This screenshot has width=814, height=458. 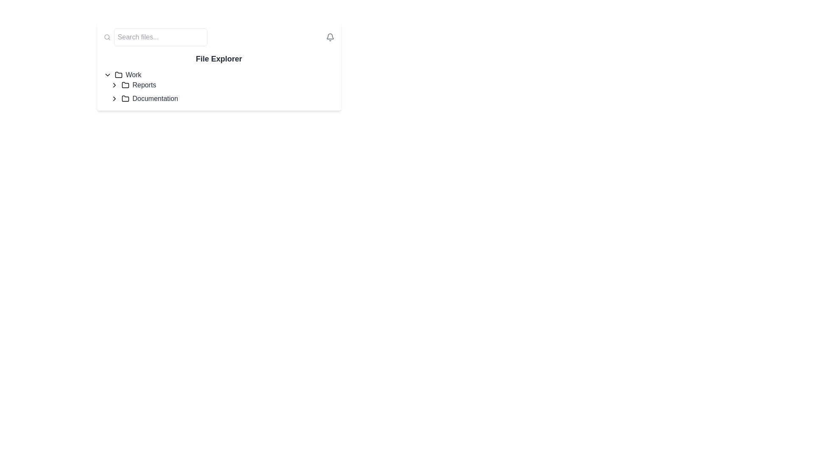 I want to click on the folder icon representing the 'Reports' directory in the file explorer interface, so click(x=125, y=85).